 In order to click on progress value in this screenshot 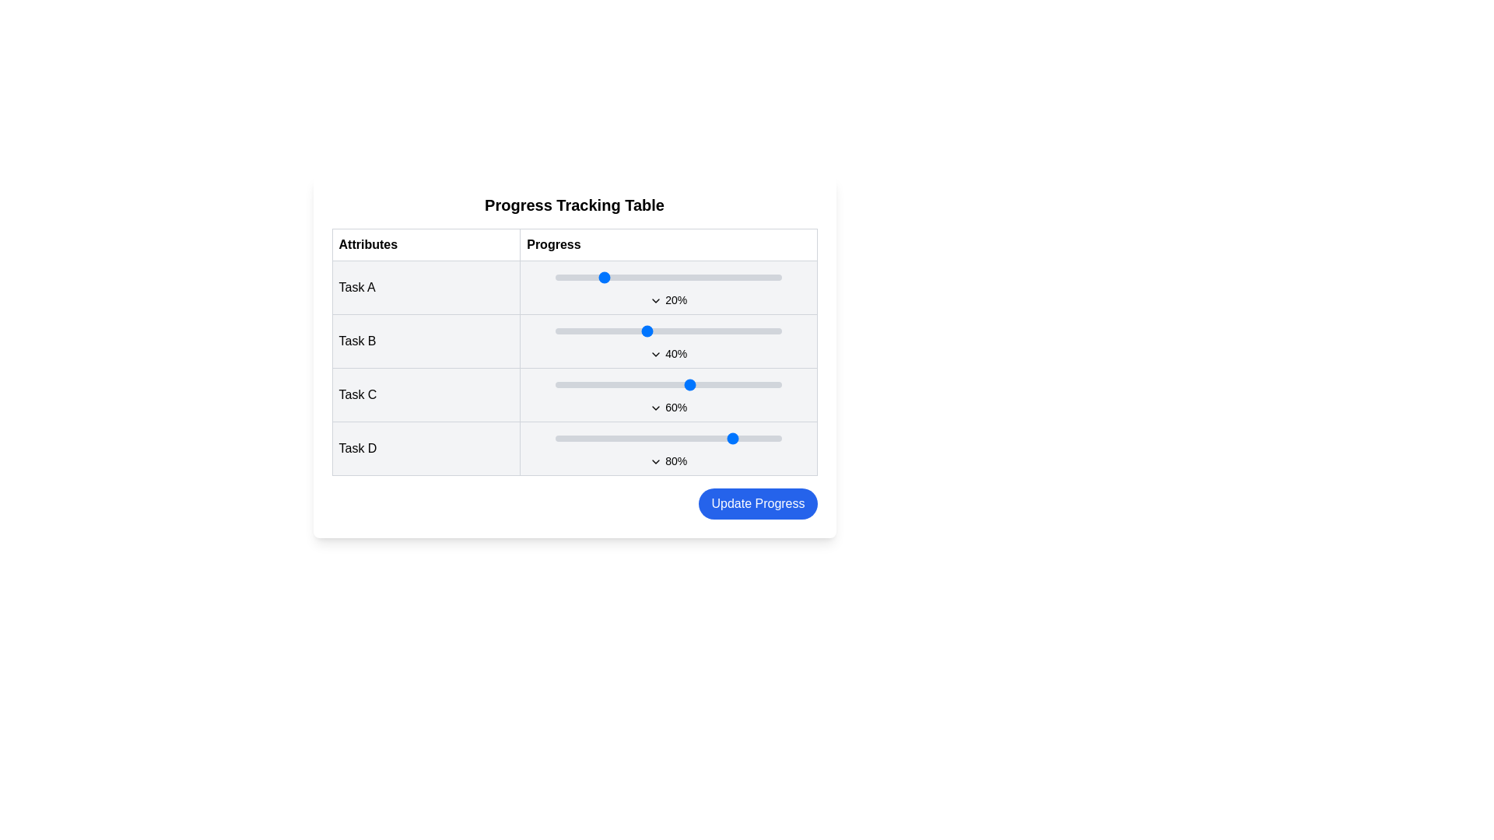, I will do `click(555, 277)`.